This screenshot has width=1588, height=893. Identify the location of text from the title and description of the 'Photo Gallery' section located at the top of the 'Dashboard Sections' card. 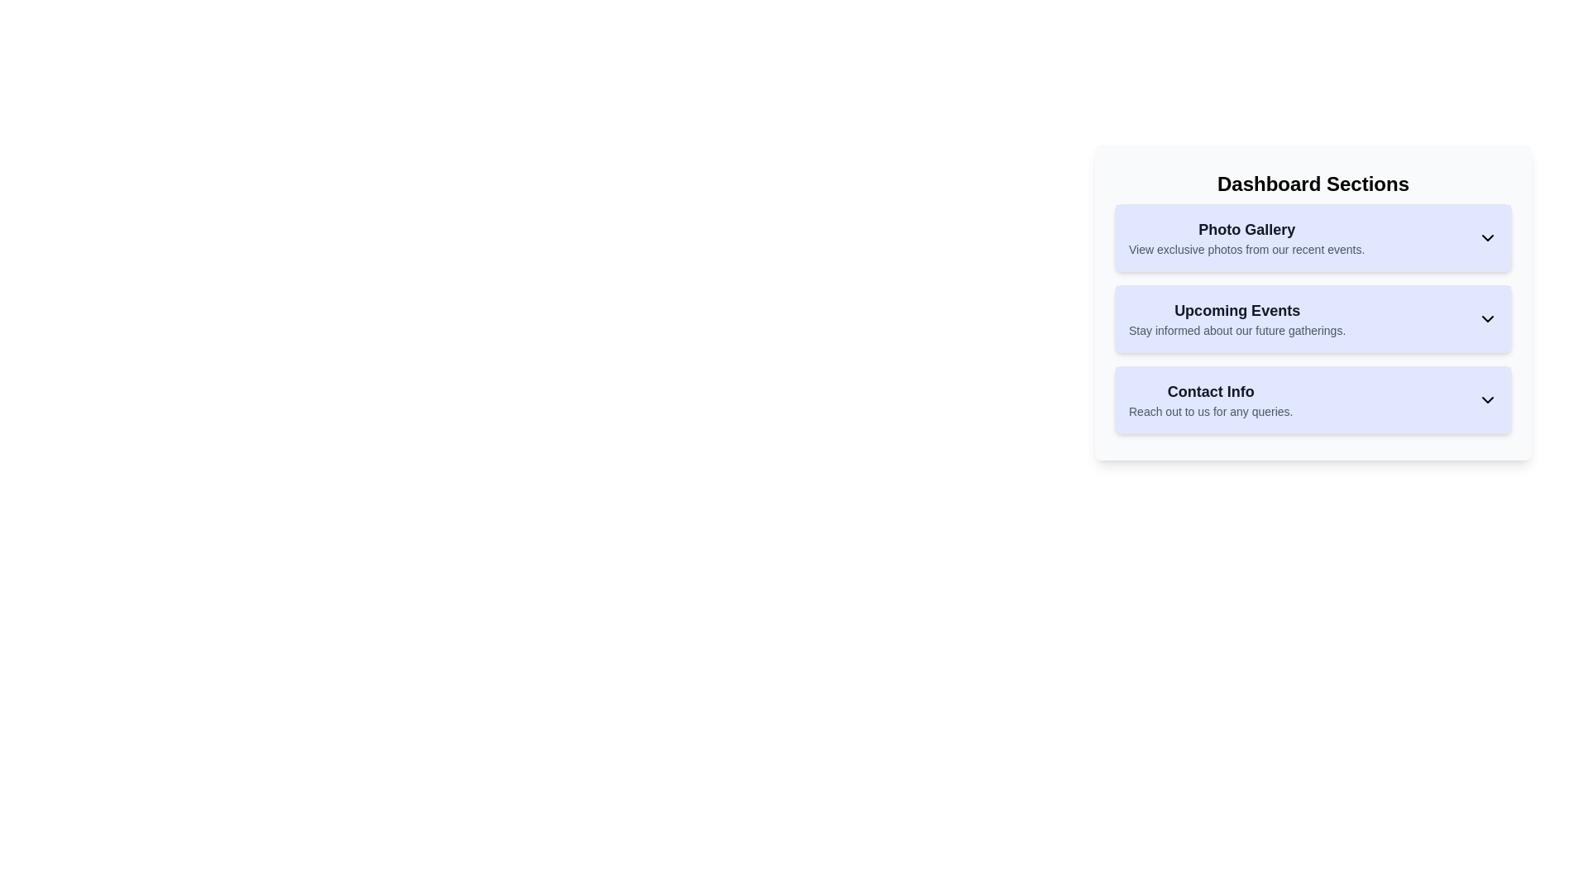
(1246, 238).